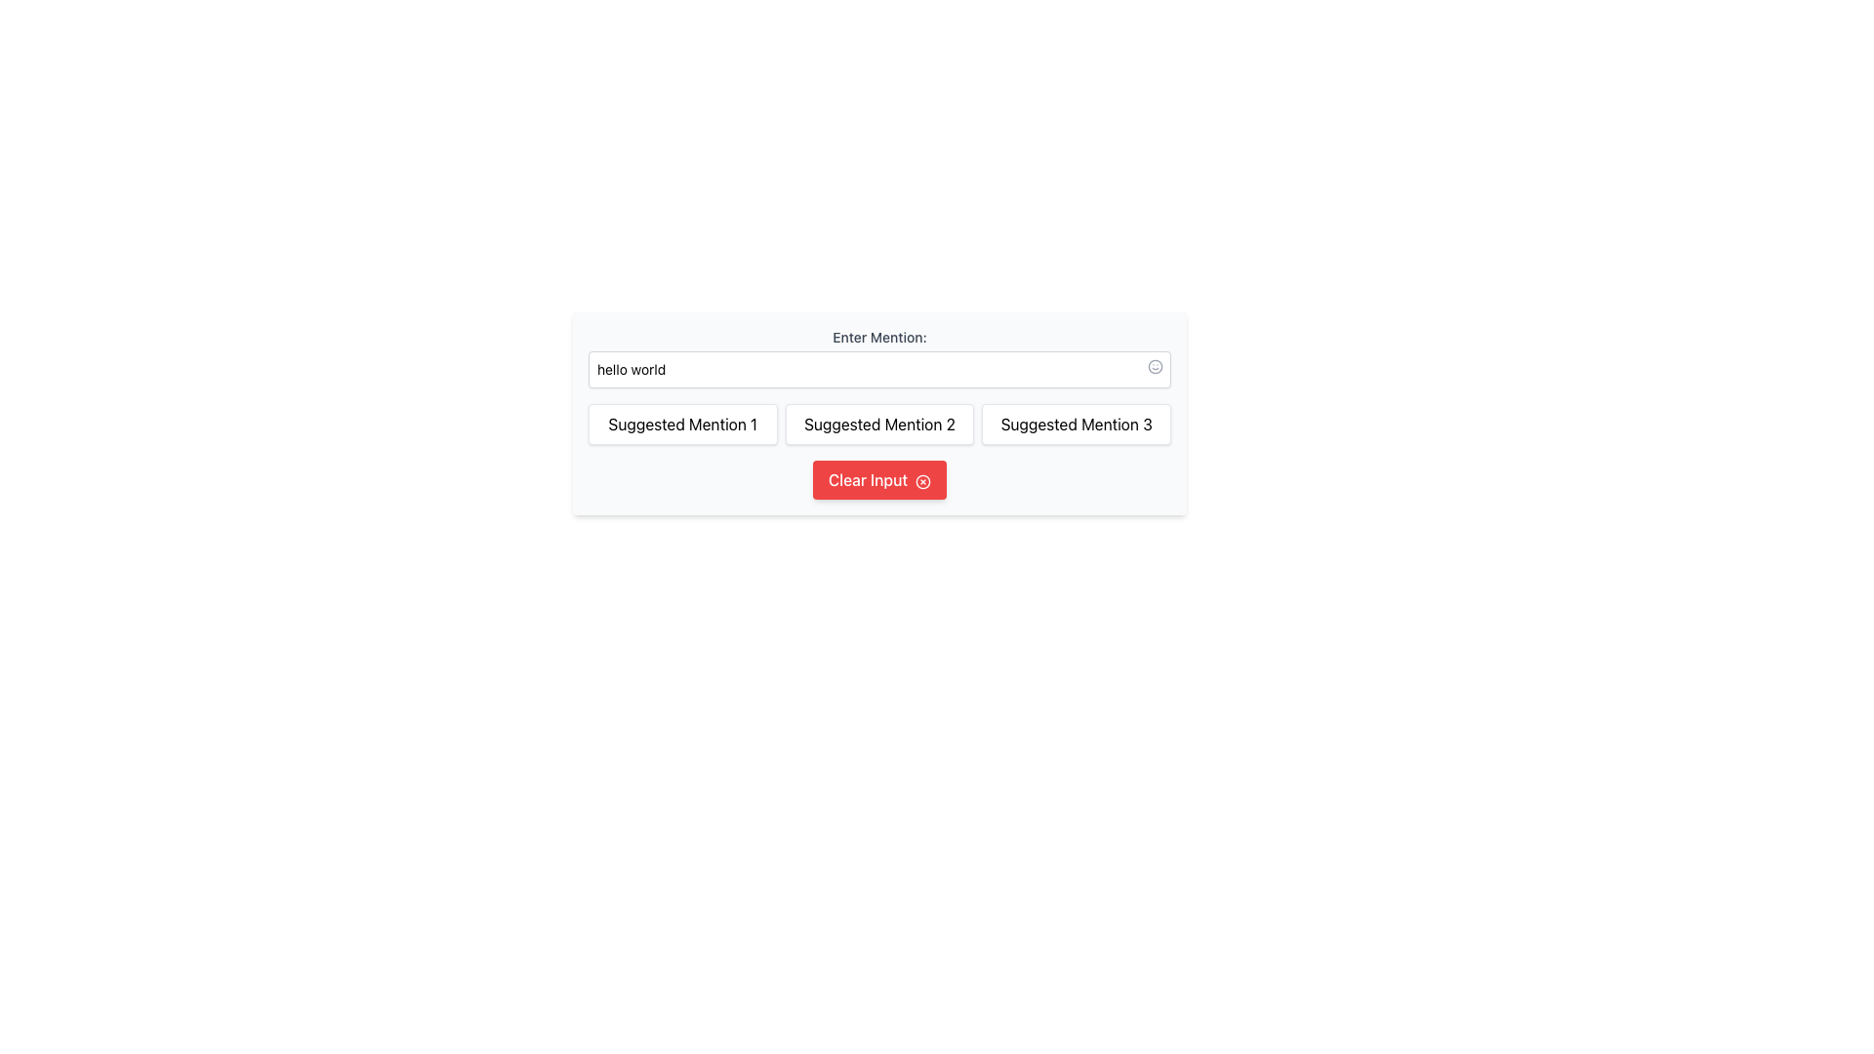  What do you see at coordinates (878, 499) in the screenshot?
I see `the 'Clear Input' button in the centered white dialog box that contains the title 'Enter Mention:' and has a red button with an 'x' icon` at bounding box center [878, 499].